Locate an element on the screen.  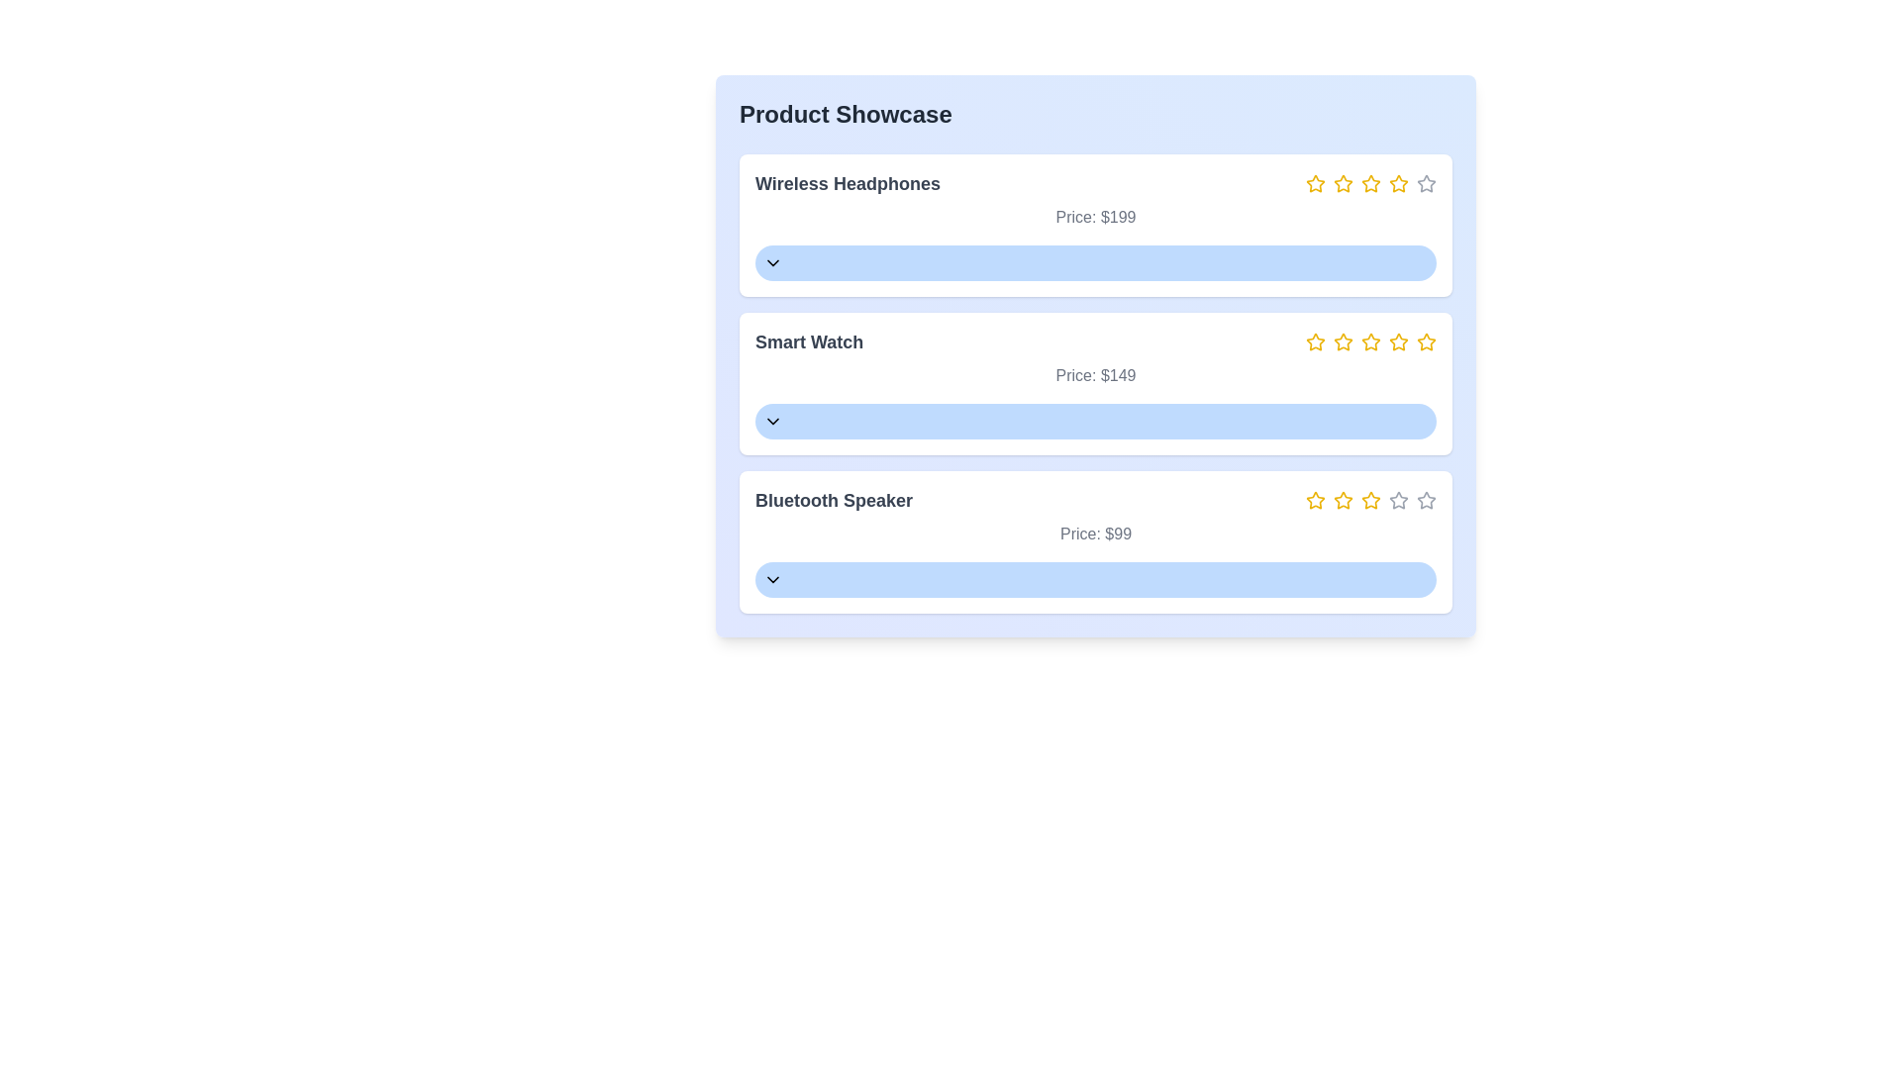
the gray outlined Rating Star Icon, which is the fifth star in the row for the product 'Wireless Headphones' is located at coordinates (1426, 183).